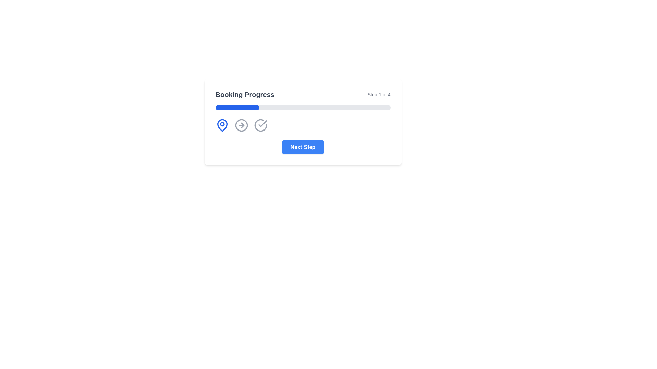 This screenshot has width=657, height=369. I want to click on the navigation icons within the 'Booking Progress' card component, so click(302, 122).